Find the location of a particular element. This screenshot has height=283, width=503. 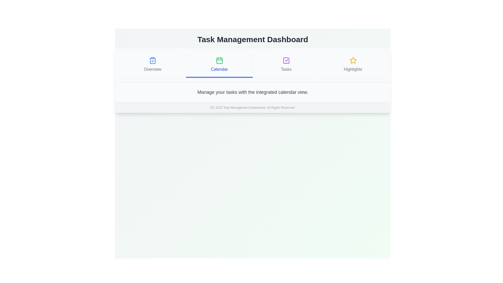

the static text display header at the top of the application, which indicates the application's title and purpose is located at coordinates (253, 39).